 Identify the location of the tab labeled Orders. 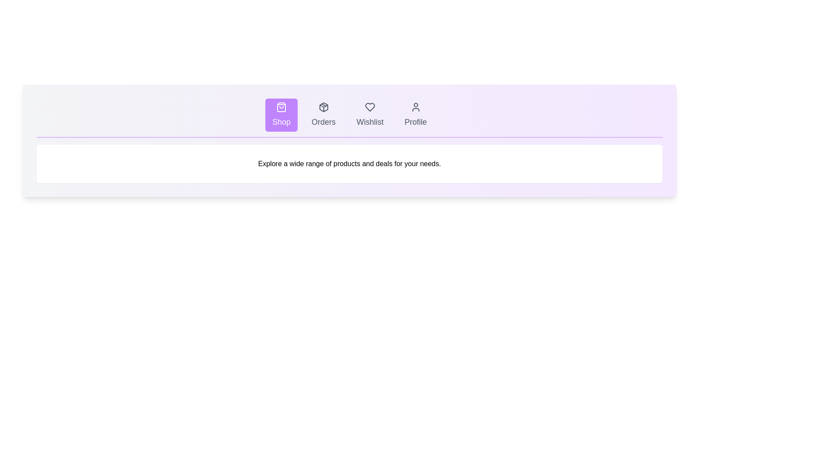
(323, 114).